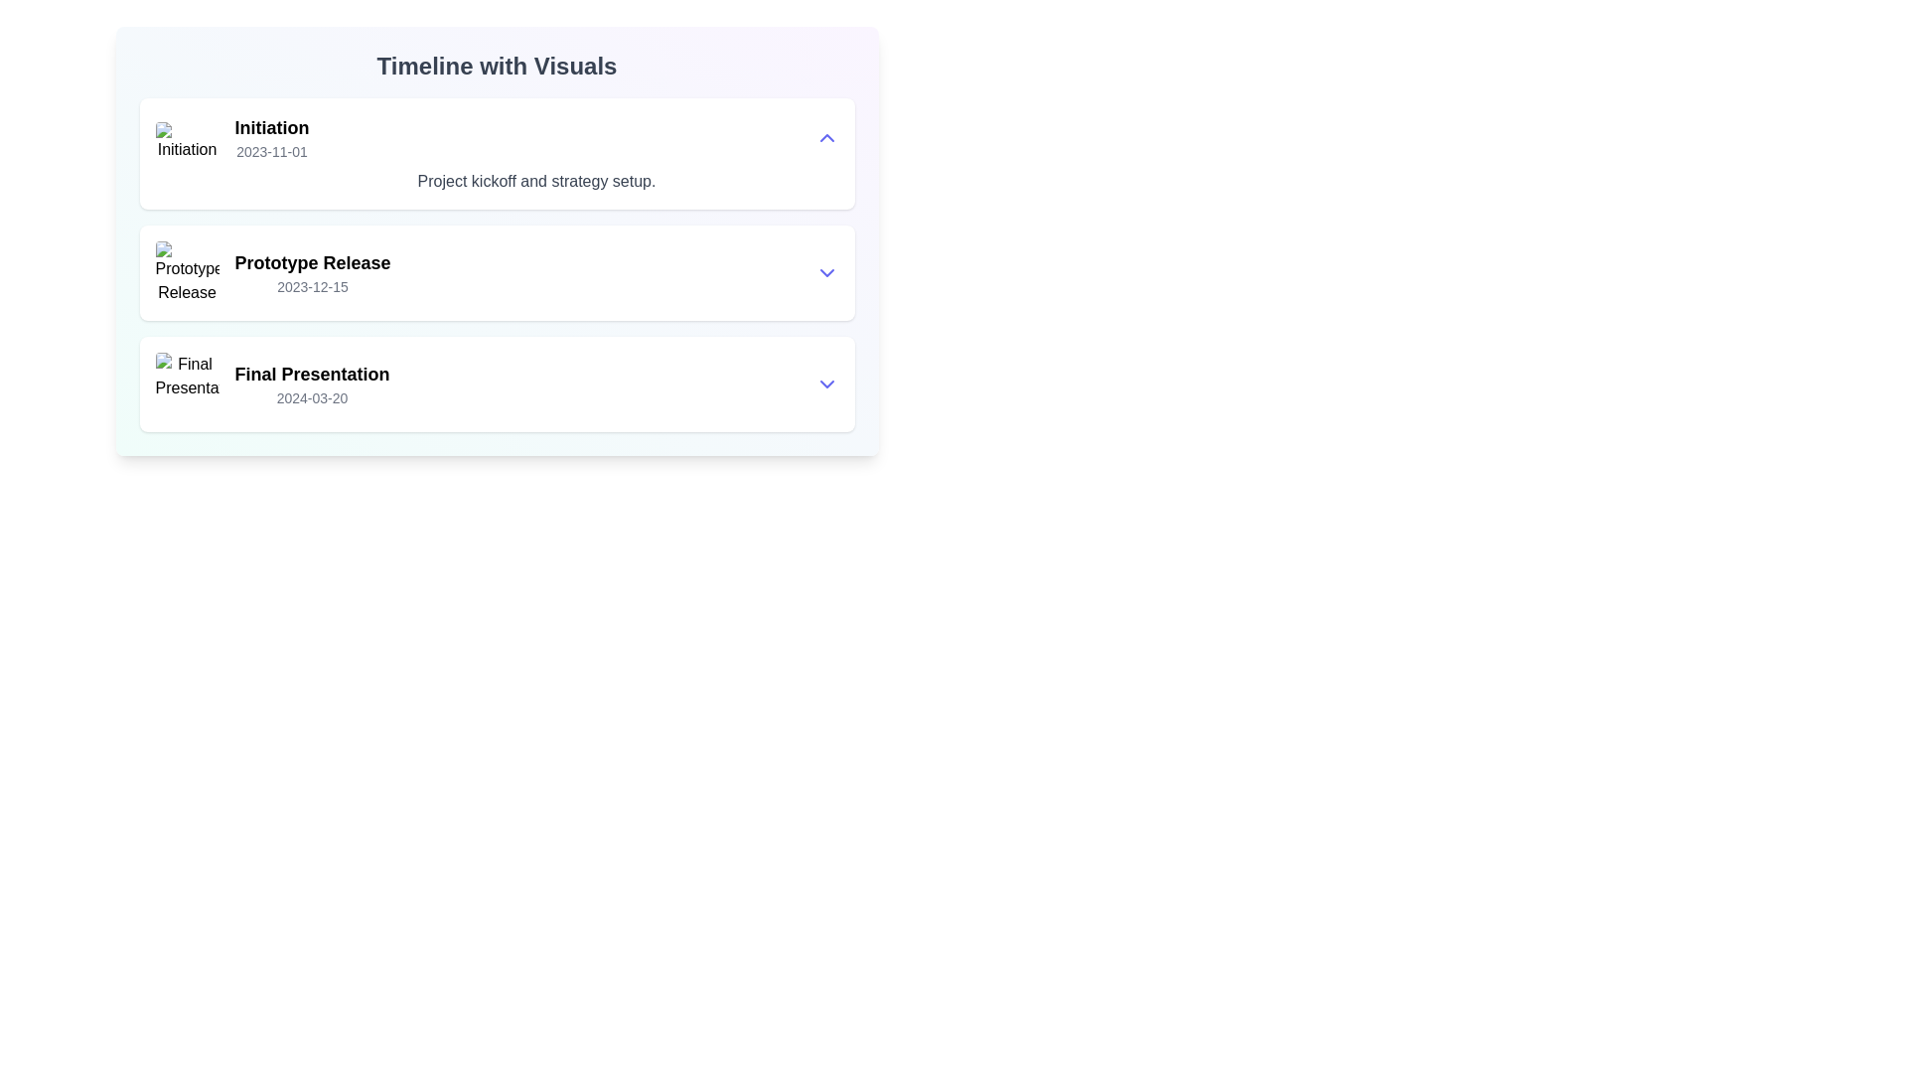 The image size is (1907, 1073). Describe the element at coordinates (270, 151) in the screenshot. I see `the text label displaying the date '2023-11-01', which is located below the 'Initiation' title in the timeline interface` at that location.